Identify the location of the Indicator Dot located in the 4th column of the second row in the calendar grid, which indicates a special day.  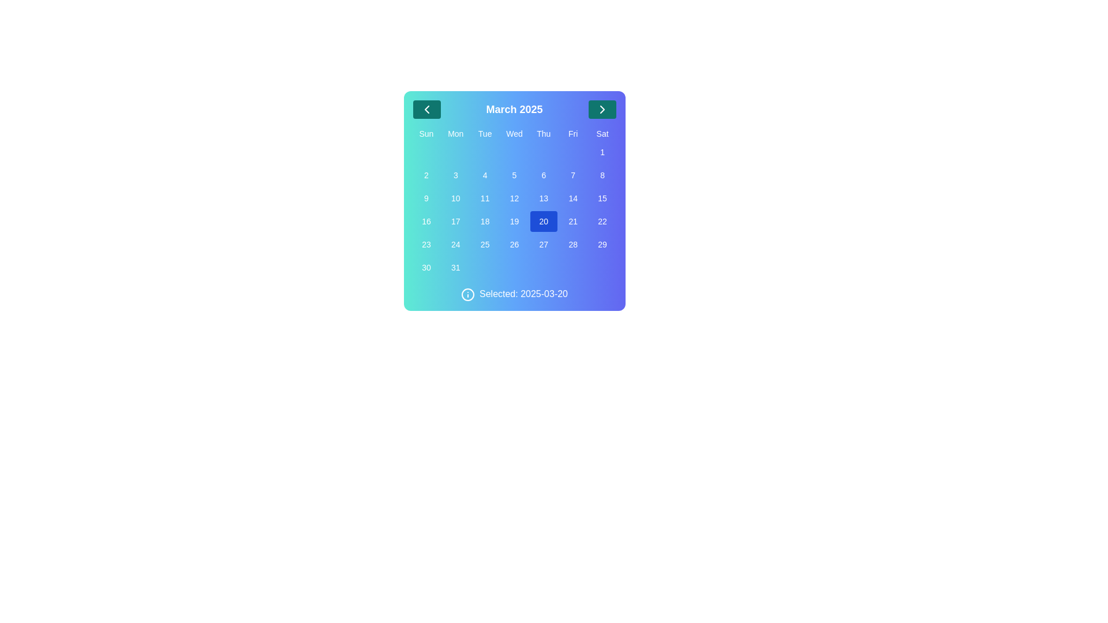
(514, 151).